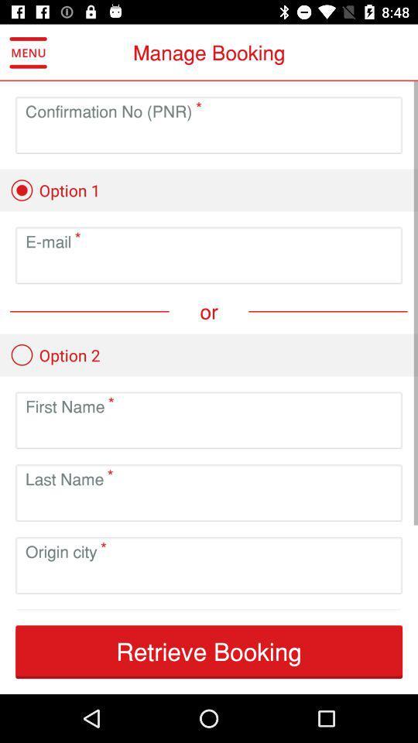 This screenshot has width=418, height=743. I want to click on the last name, so click(209, 504).